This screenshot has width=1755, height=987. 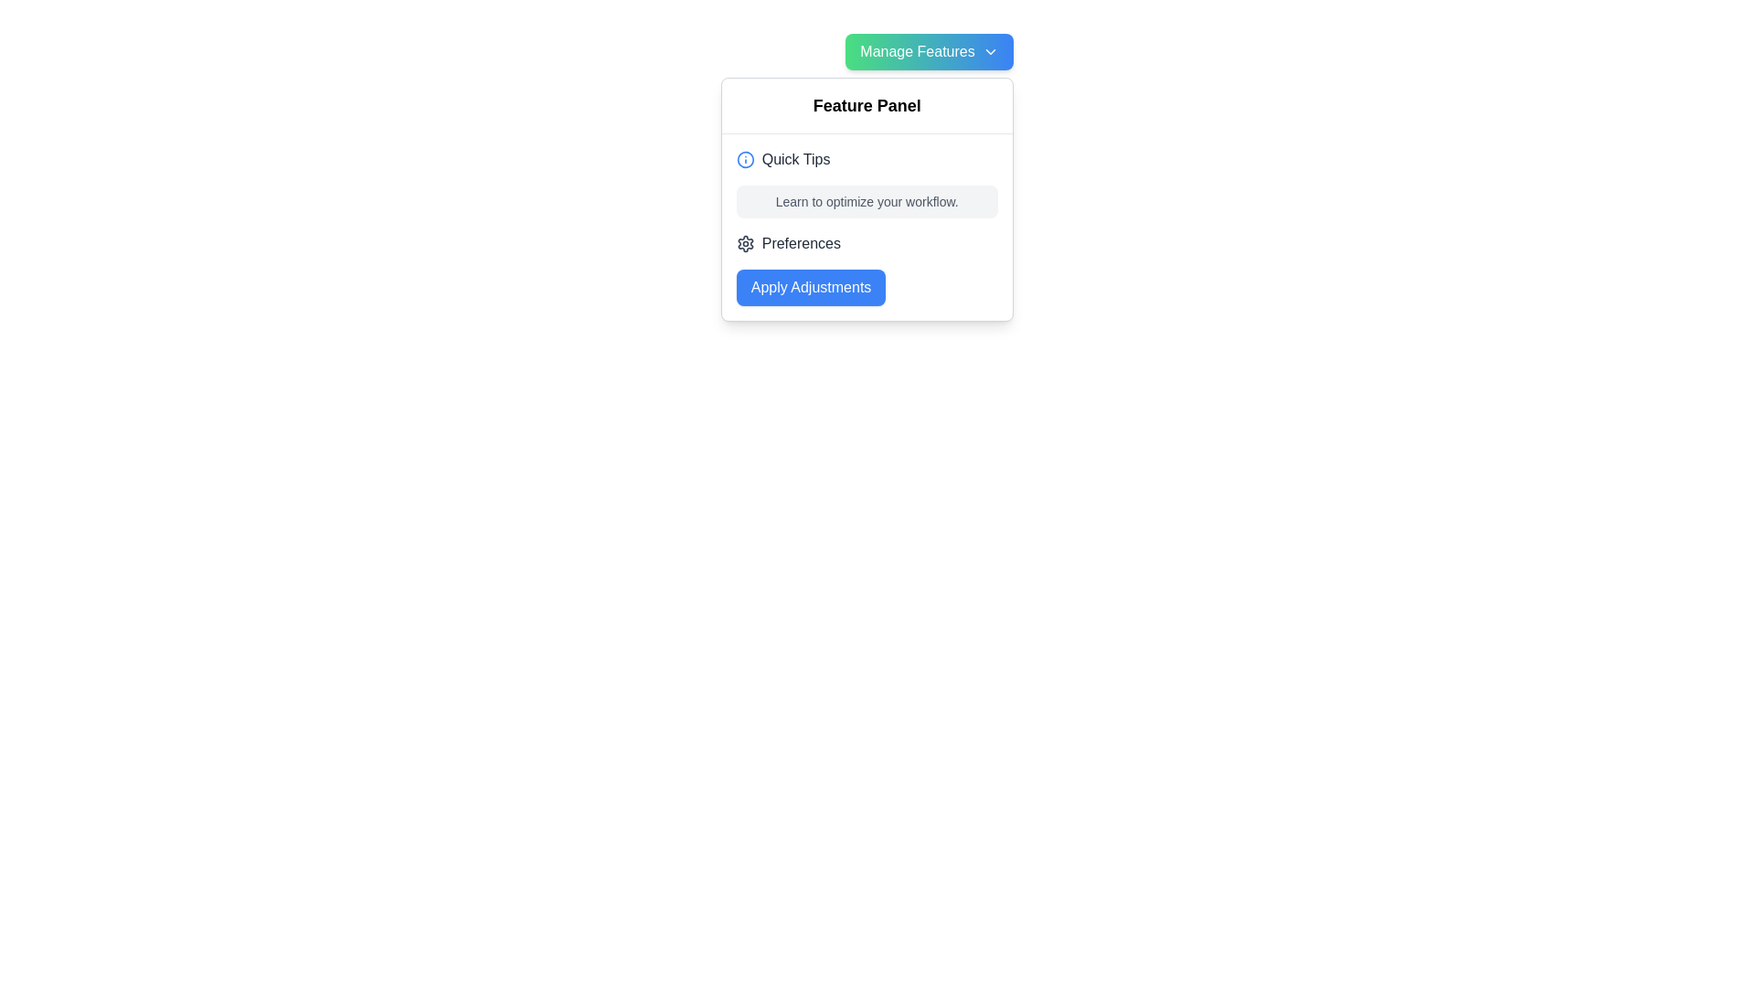 I want to click on the informational icon located to the left of the 'Quick Tips' text label, so click(x=745, y=158).